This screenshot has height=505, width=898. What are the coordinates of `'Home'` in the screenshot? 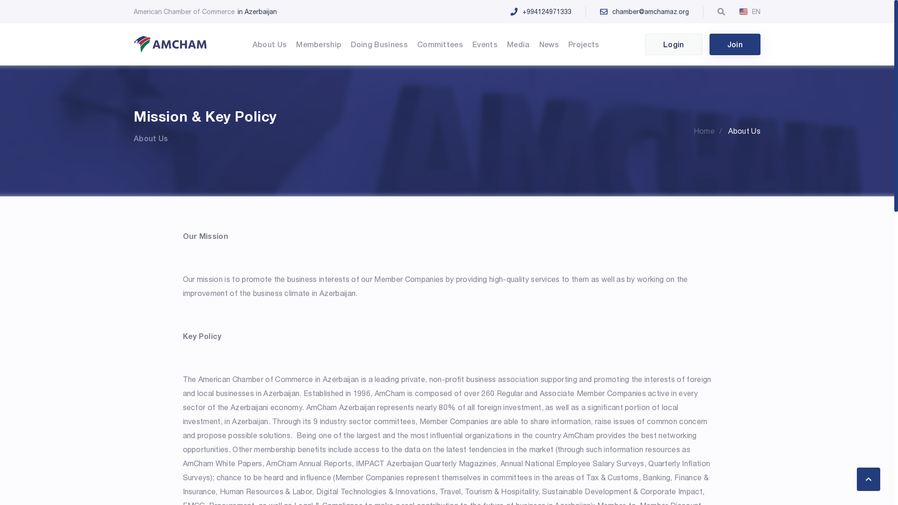 It's located at (710, 131).